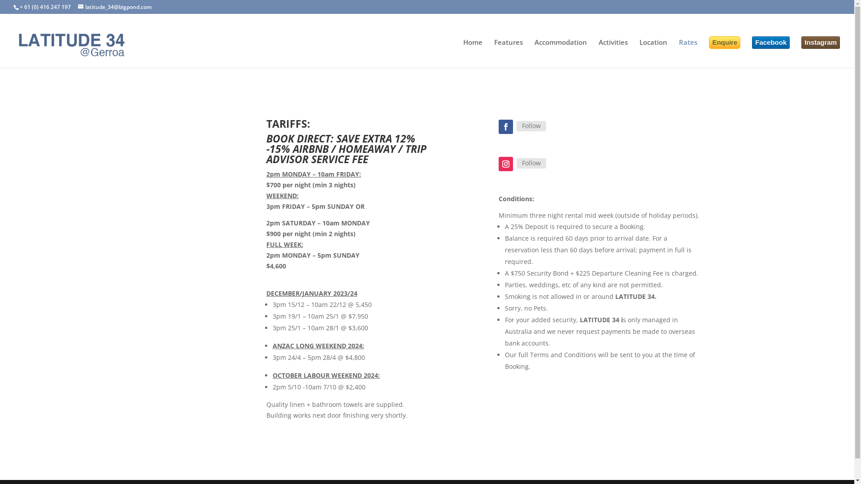 This screenshot has height=484, width=861. What do you see at coordinates (560, 53) in the screenshot?
I see `'Accommodation'` at bounding box center [560, 53].